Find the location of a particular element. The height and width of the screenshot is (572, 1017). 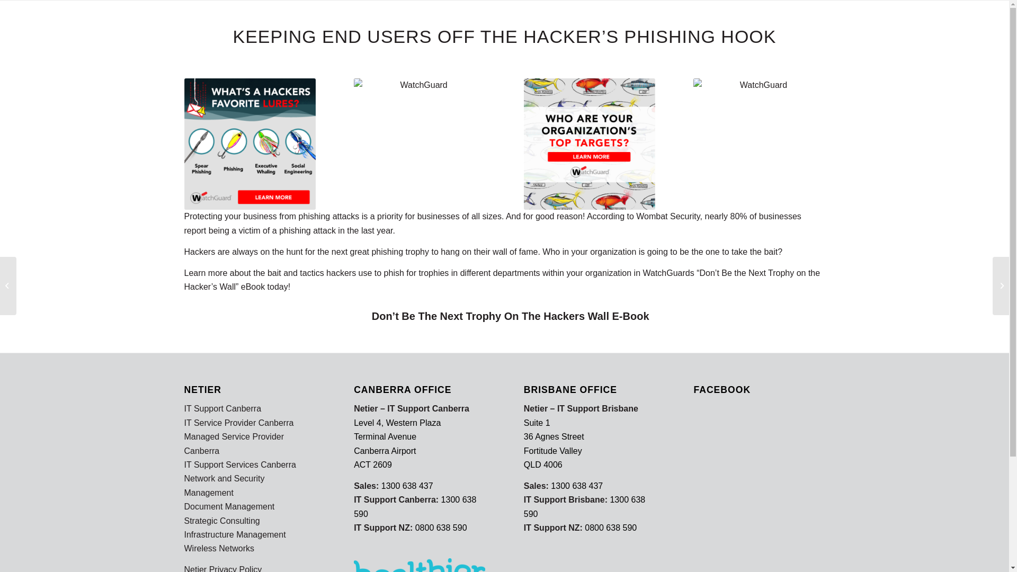

'Managed Service Provider Canberra' is located at coordinates (234, 443).